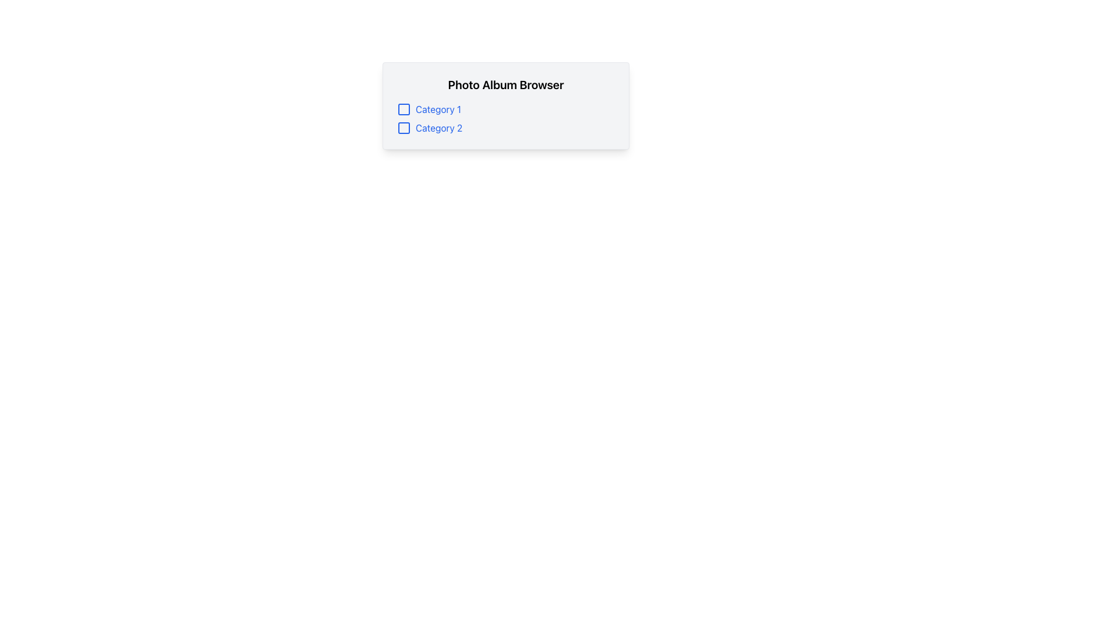  What do you see at coordinates (438, 128) in the screenshot?
I see `the text label associated with the second checkbox under the 'Photo Album Browser' panel, which provides information for user selection` at bounding box center [438, 128].